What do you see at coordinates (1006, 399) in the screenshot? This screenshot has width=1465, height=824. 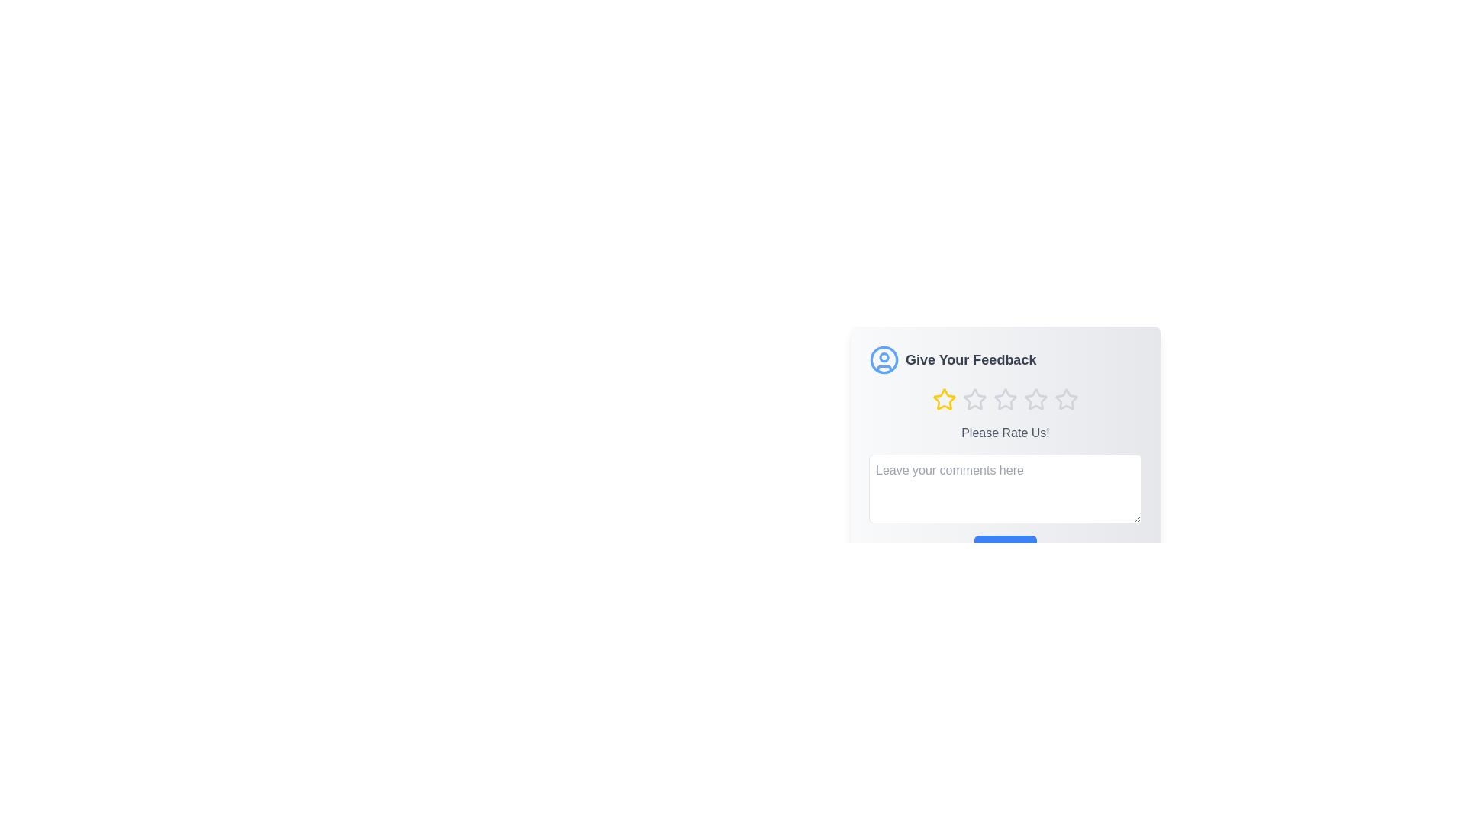 I see `the third rating star button, which is a gray outlined star` at bounding box center [1006, 399].